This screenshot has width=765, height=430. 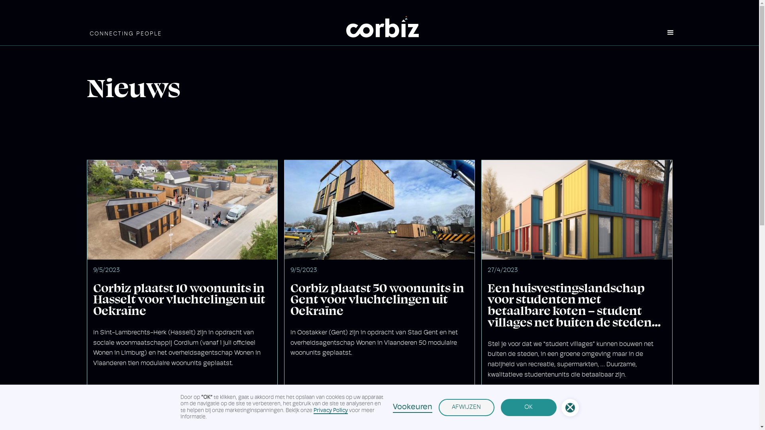 I want to click on 'Privacy Policy', so click(x=330, y=410).